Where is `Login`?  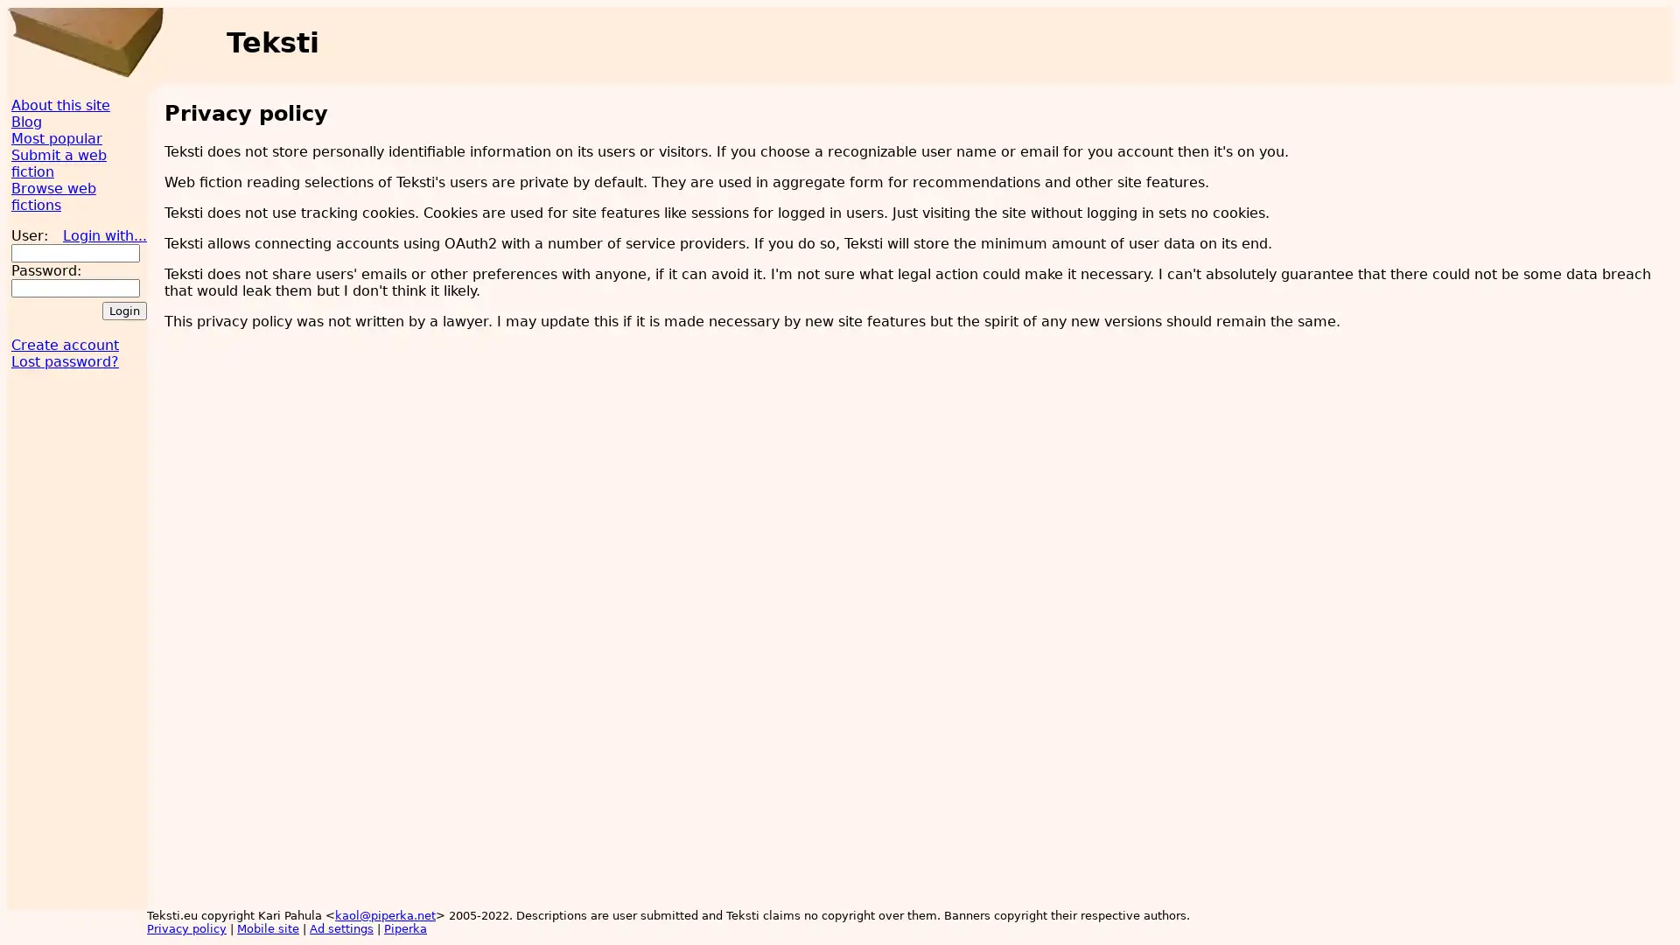
Login is located at coordinates (123, 310).